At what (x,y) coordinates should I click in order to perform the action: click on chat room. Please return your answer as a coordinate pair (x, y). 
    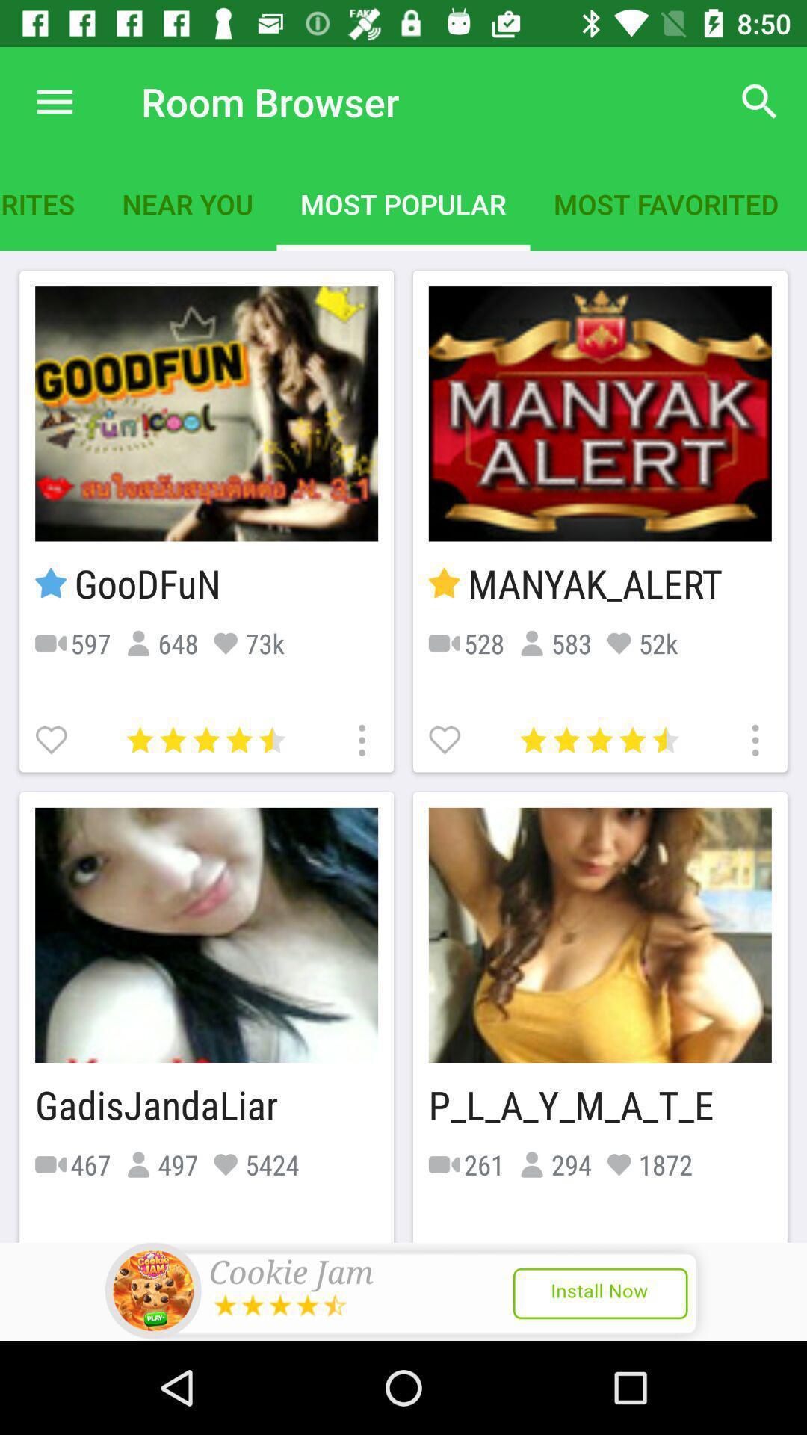
    Looking at the image, I should click on (52, 738).